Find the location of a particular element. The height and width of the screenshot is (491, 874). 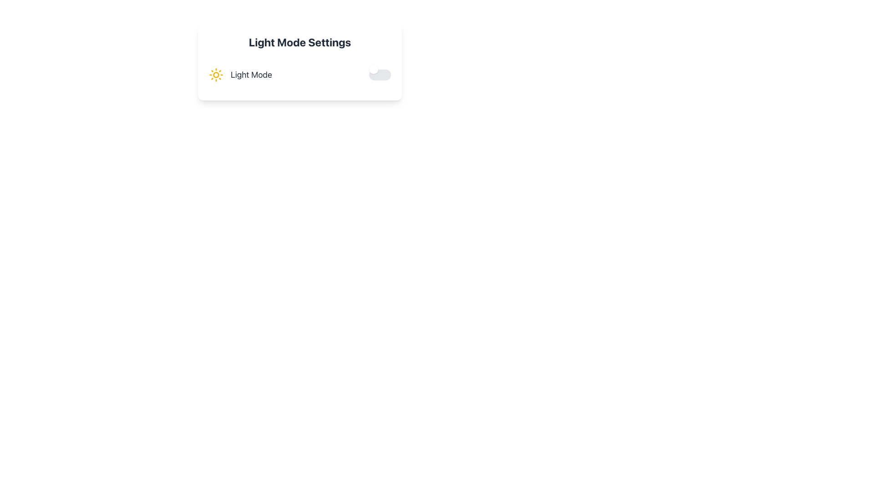

the small yellow circular shape located at the center of the sun graphic inside the 'Light Mode Settings' card interface is located at coordinates (216, 75).